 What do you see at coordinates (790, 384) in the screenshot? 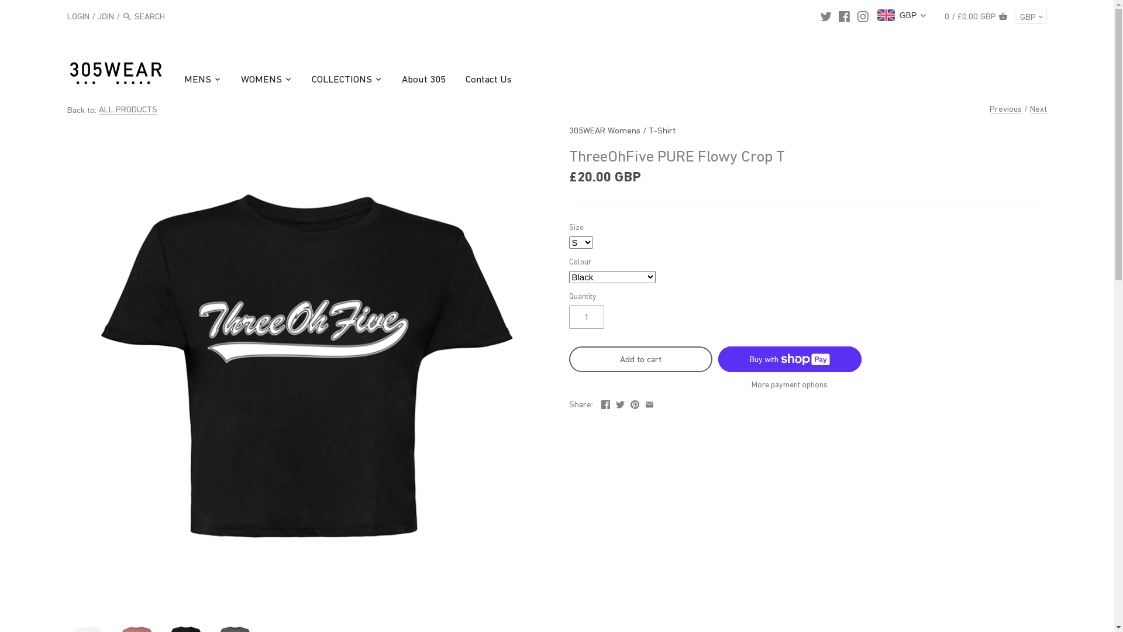
I see `'More payment options'` at bounding box center [790, 384].